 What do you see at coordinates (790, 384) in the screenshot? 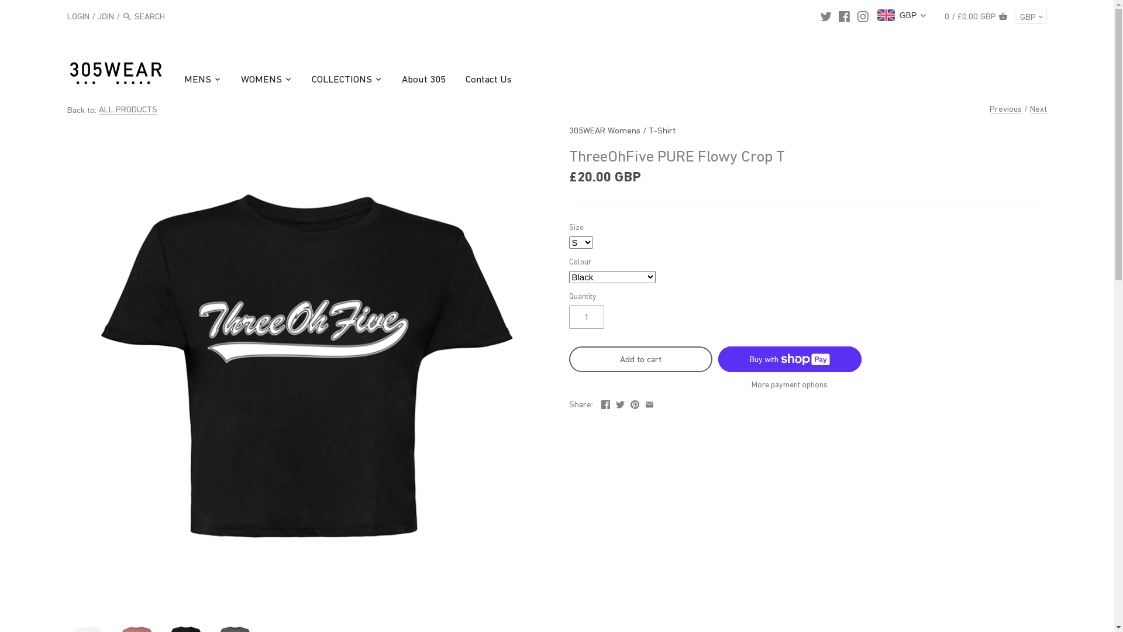
I see `'More payment options'` at bounding box center [790, 384].